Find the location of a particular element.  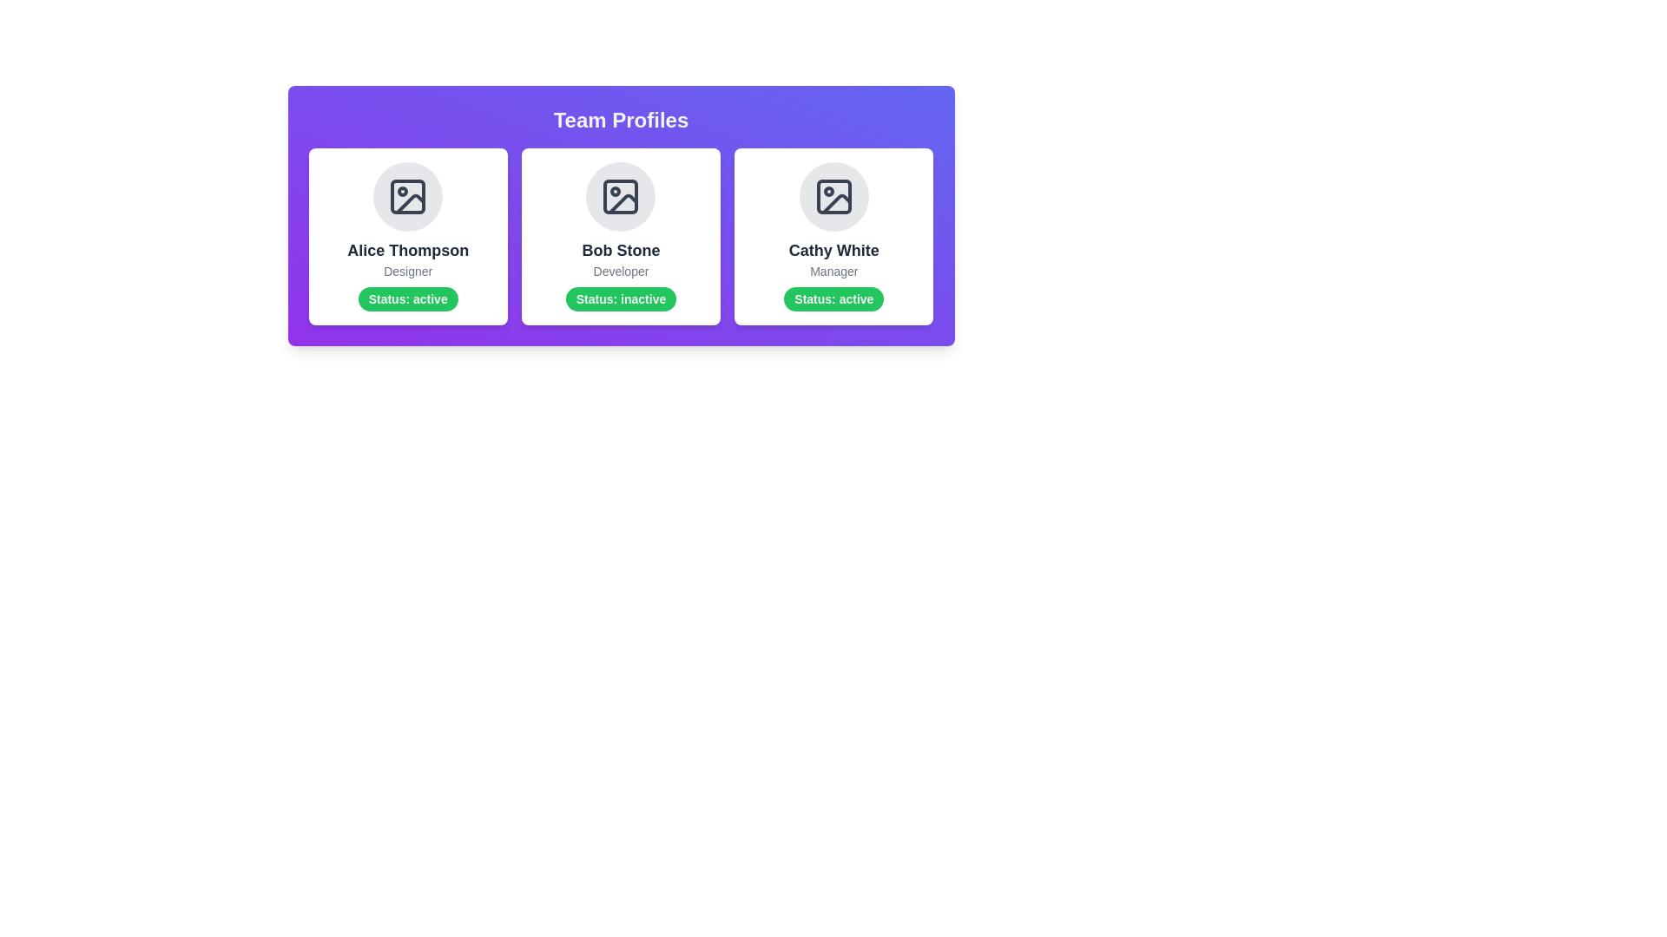

the static text display that shows the name of a team member, located in the center card of the 'Team Profiles' section, positioned below the circular avatar and above the role description 'Developer' is located at coordinates (621, 251).